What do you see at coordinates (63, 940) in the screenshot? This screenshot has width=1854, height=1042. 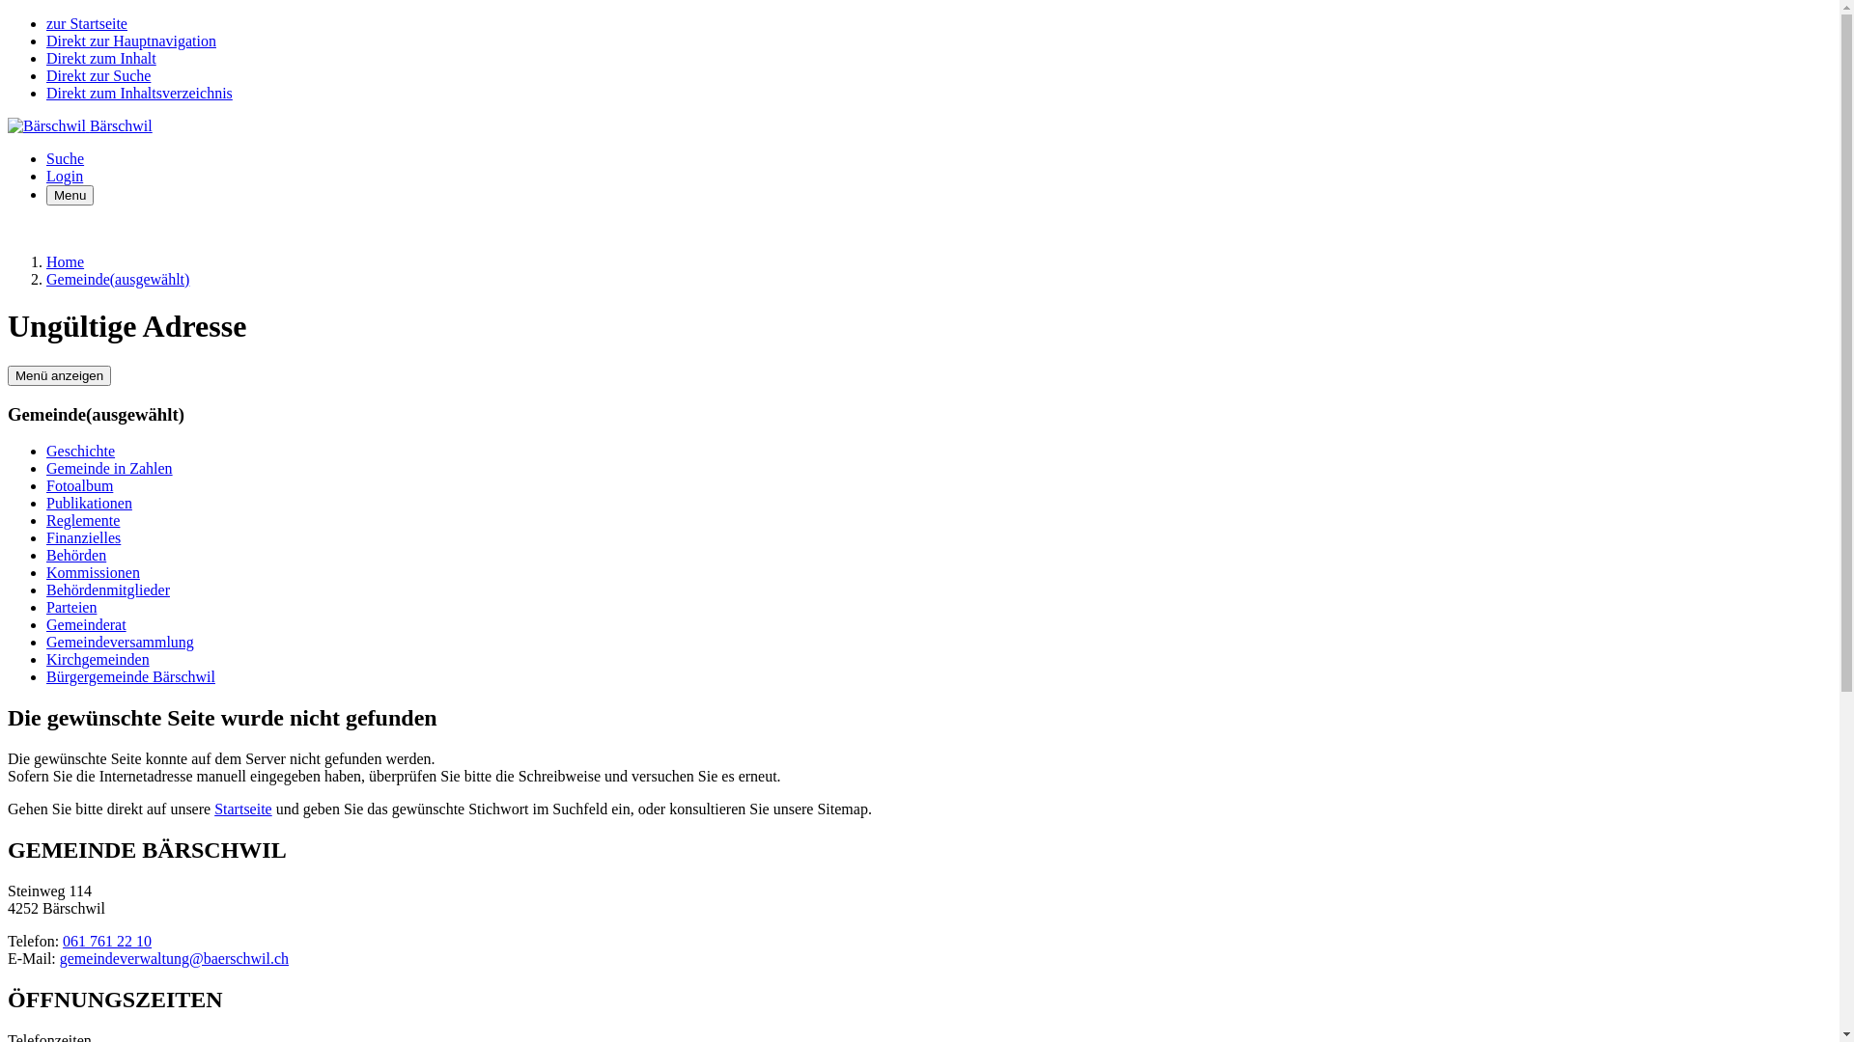 I see `'061 761 22 10'` at bounding box center [63, 940].